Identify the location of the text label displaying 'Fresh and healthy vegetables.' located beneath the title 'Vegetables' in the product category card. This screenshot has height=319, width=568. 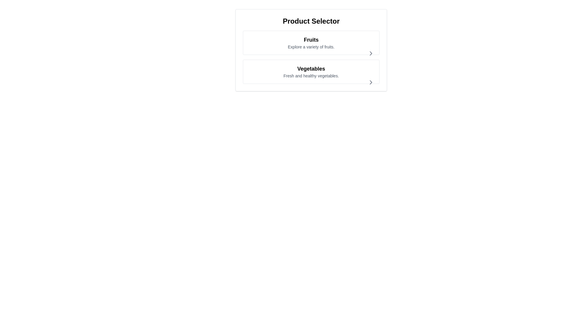
(311, 76).